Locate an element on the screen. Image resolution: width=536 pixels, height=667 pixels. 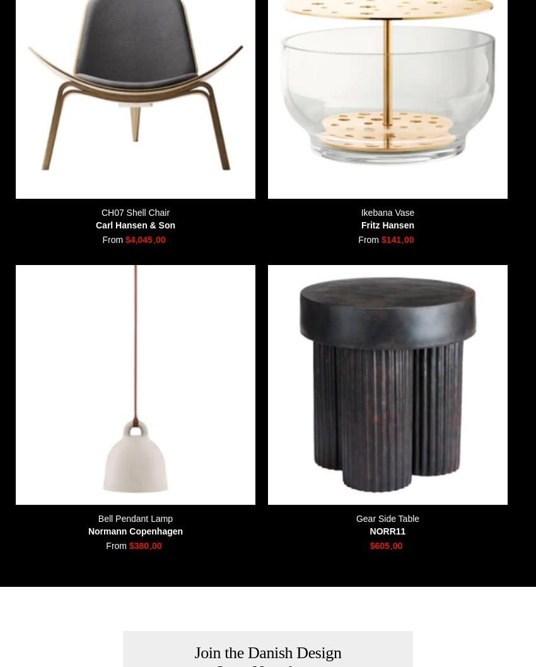
'Normann Copenhagen' is located at coordinates (87, 529).